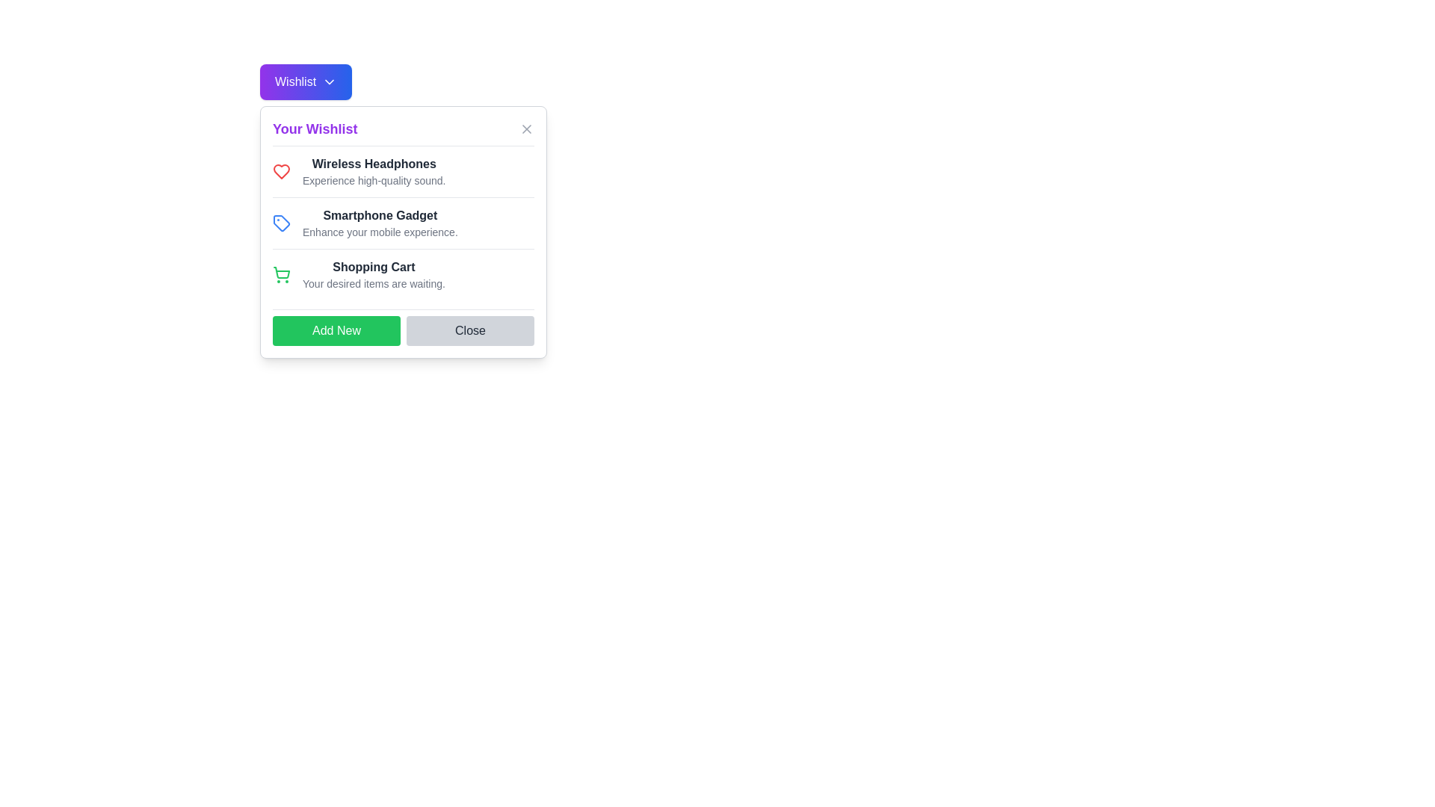 The width and height of the screenshot is (1435, 807). What do you see at coordinates (374, 284) in the screenshot?
I see `contents of the descriptive text label that reads 'Your desired items are waiting.' located below the 'Shopping Cart' header in the 'Your Wishlist' popup` at bounding box center [374, 284].